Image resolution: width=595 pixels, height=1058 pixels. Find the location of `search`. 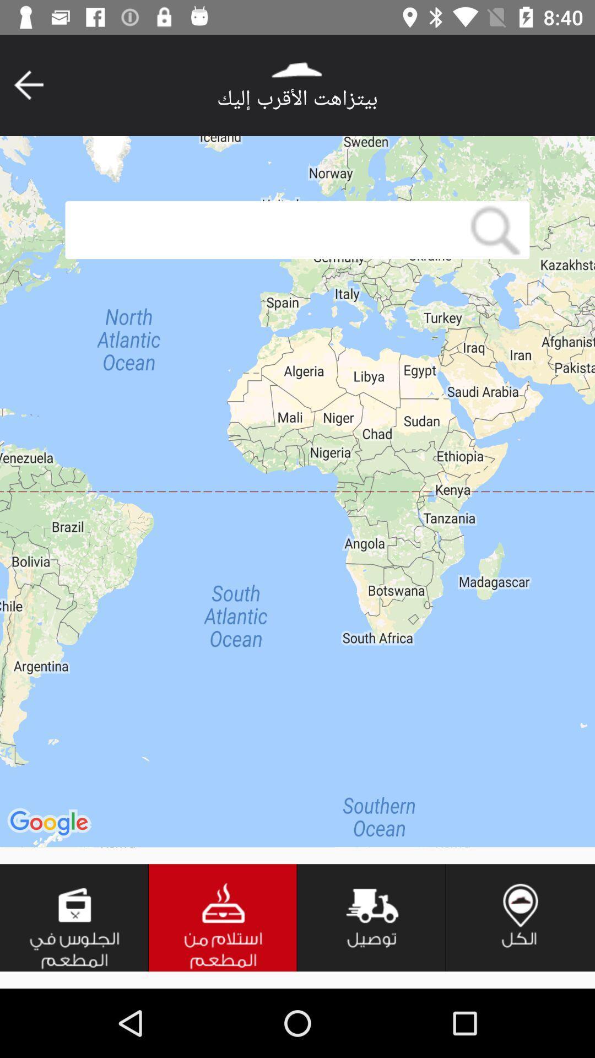

search is located at coordinates (263, 229).